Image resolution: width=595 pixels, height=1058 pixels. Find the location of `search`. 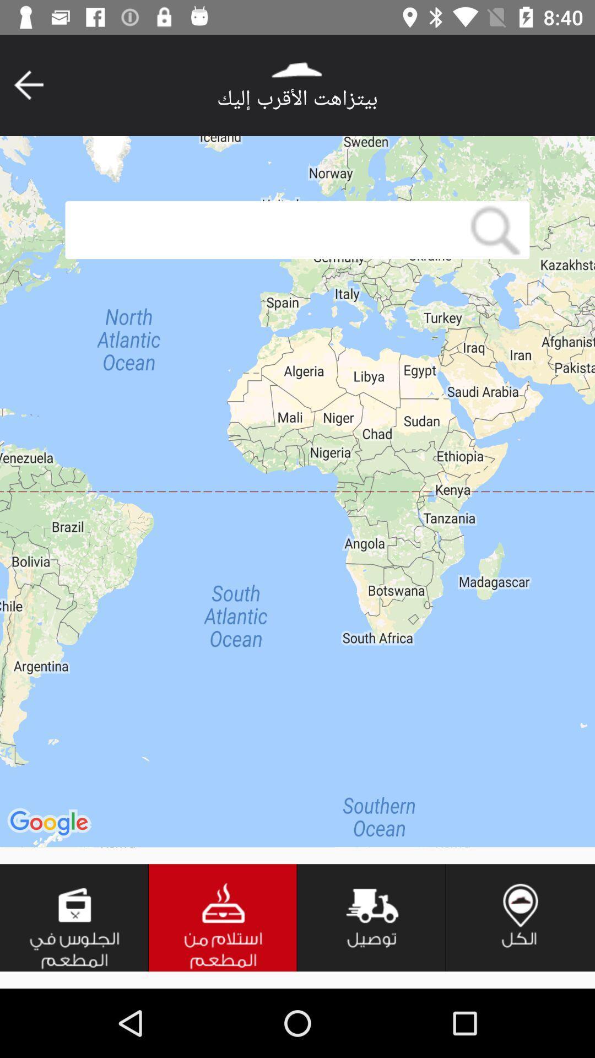

search is located at coordinates (263, 229).